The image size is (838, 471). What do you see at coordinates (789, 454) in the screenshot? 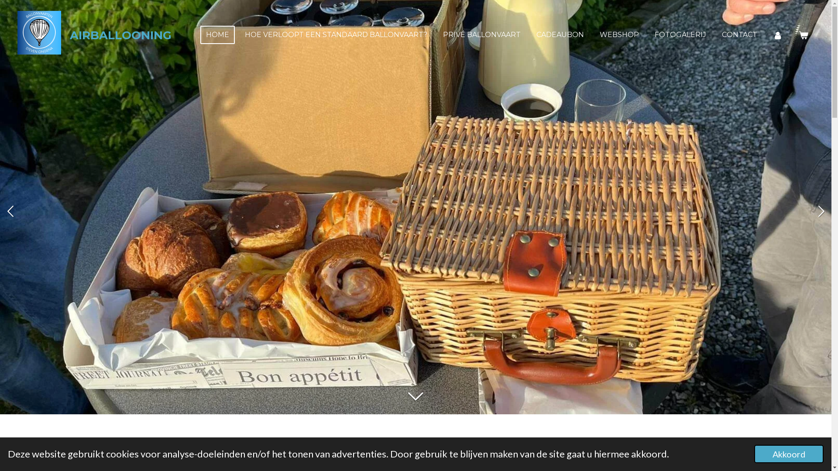
I see `'Akkoord'` at bounding box center [789, 454].